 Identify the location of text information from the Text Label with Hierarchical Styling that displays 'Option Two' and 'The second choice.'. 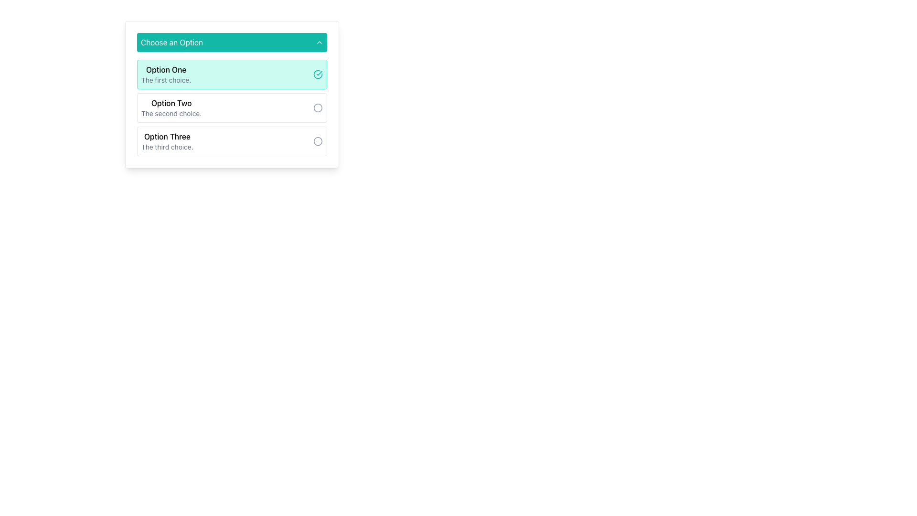
(171, 107).